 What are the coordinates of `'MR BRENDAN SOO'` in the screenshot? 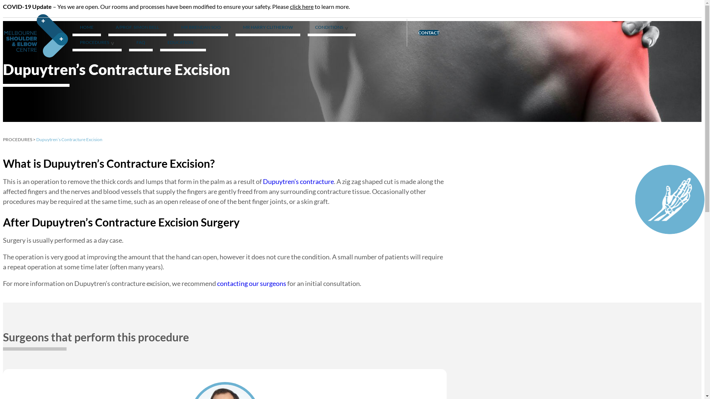 It's located at (201, 28).